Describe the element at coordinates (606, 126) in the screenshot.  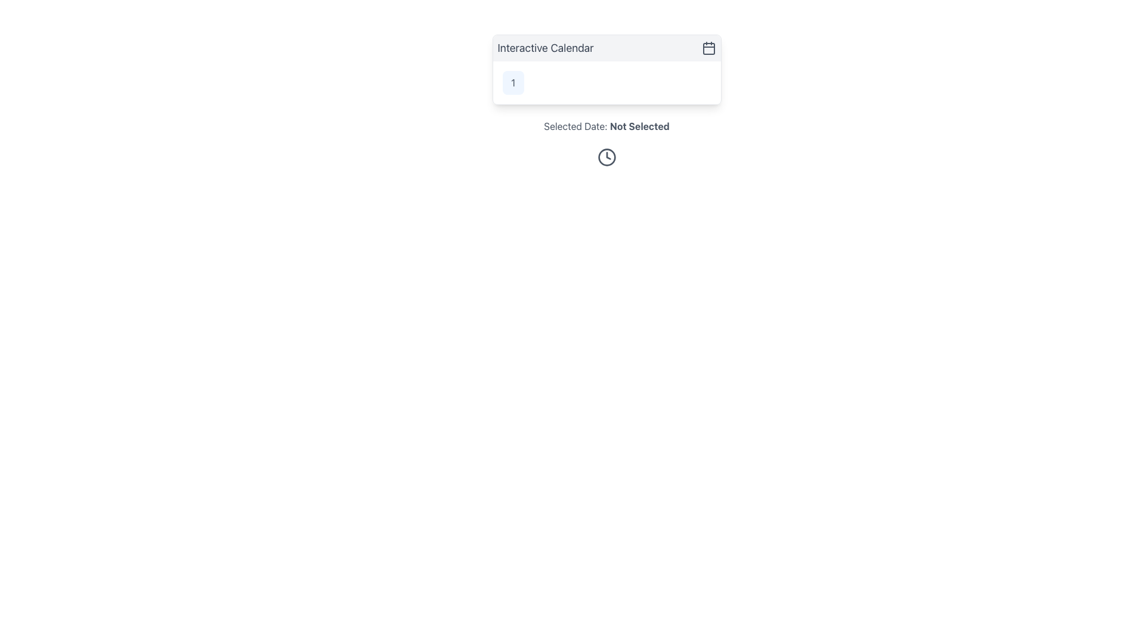
I see `the text label displaying 'Selected Date: Not Selected', which is centrally located in the horizontal axis and positioned below the grid area of the interactive calendar component` at that location.